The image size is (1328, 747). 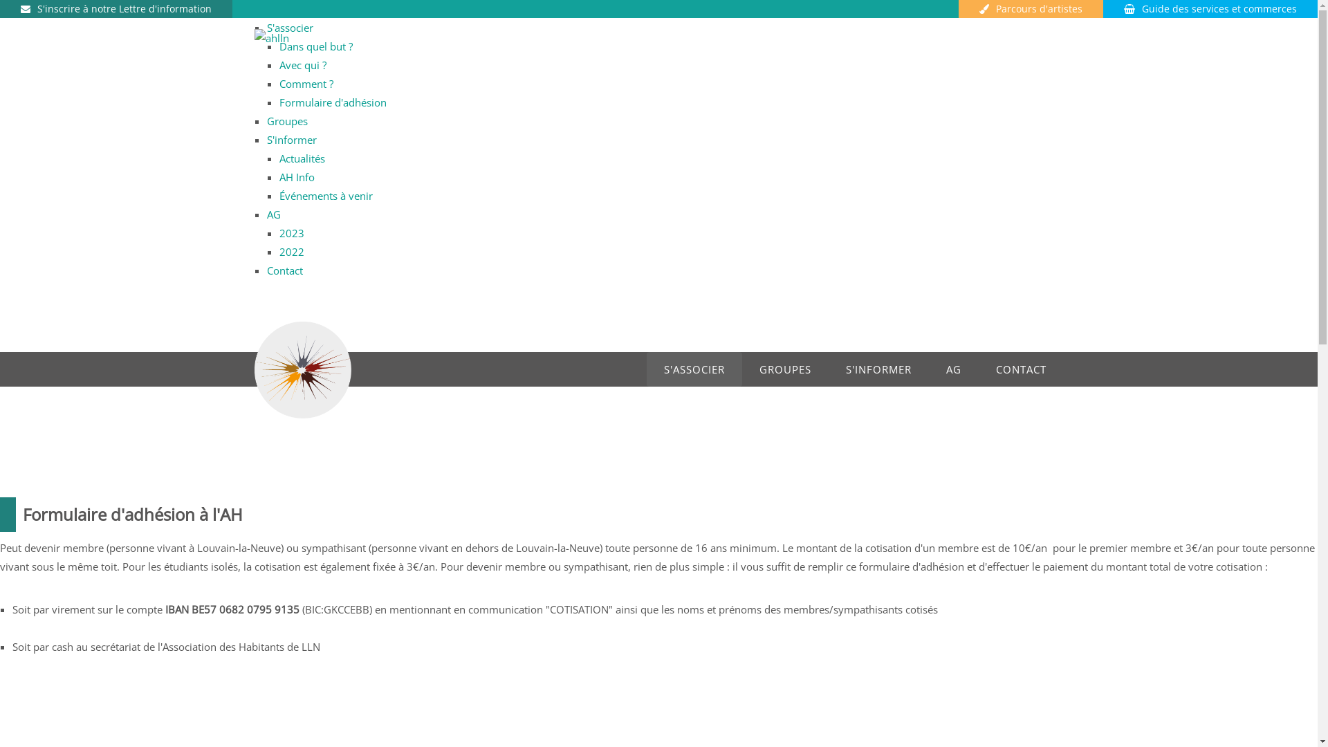 What do you see at coordinates (273, 214) in the screenshot?
I see `'AG'` at bounding box center [273, 214].